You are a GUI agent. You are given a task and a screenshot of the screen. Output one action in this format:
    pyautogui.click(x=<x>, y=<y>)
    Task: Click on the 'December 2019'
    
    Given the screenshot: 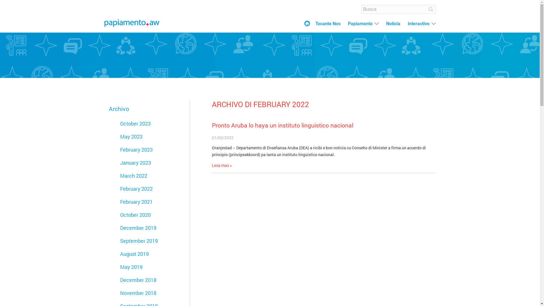 What is the action you would take?
    pyautogui.click(x=120, y=227)
    